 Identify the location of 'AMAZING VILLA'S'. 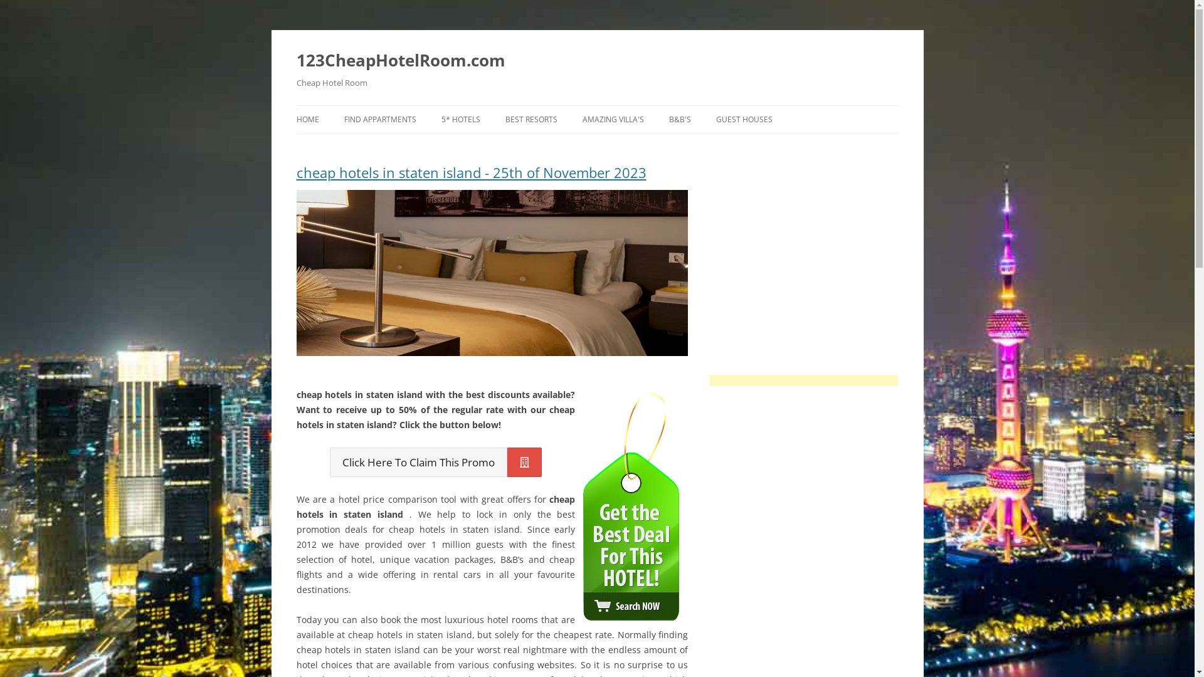
(613, 120).